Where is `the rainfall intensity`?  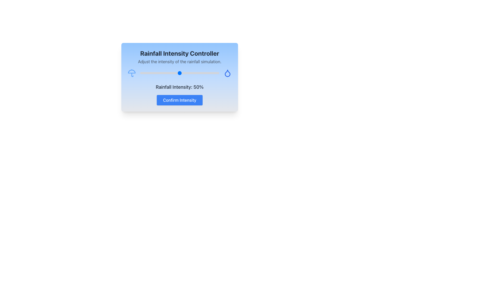 the rainfall intensity is located at coordinates (179, 73).